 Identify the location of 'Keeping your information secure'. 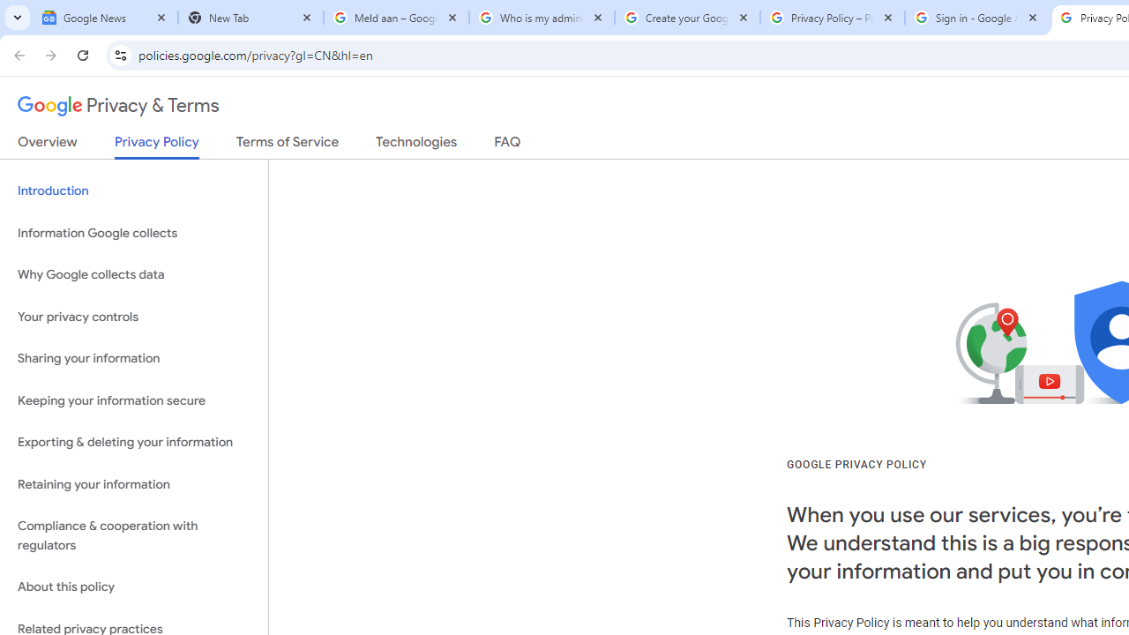
(133, 400).